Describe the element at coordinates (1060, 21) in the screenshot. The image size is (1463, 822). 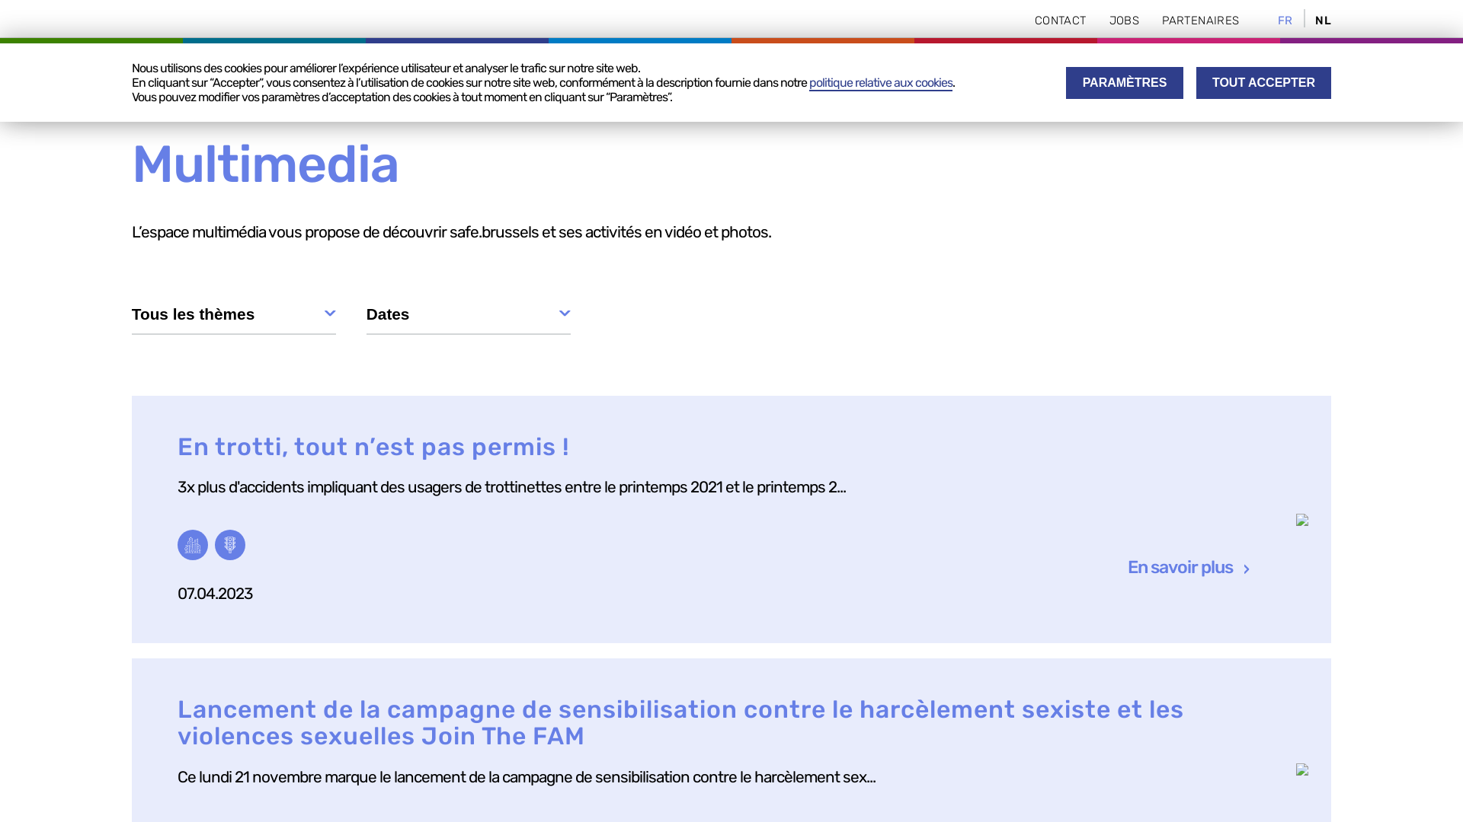
I see `'CONTACT'` at that location.